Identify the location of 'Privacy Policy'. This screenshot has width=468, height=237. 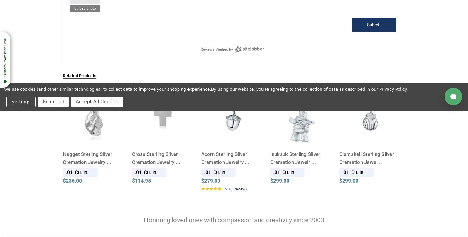
(392, 88).